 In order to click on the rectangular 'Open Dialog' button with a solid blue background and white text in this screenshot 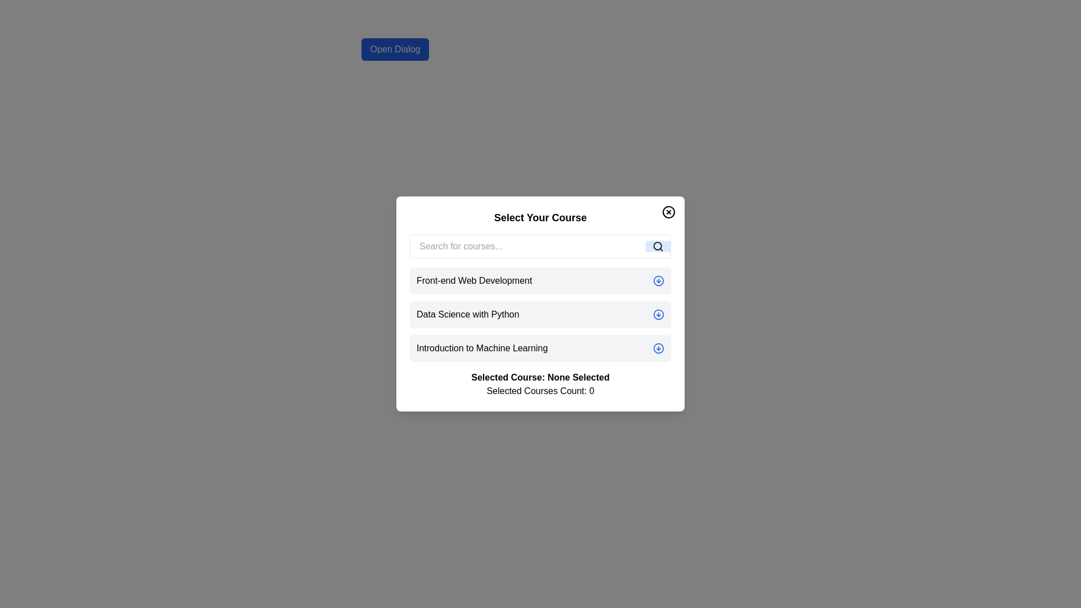, I will do `click(395, 49)`.